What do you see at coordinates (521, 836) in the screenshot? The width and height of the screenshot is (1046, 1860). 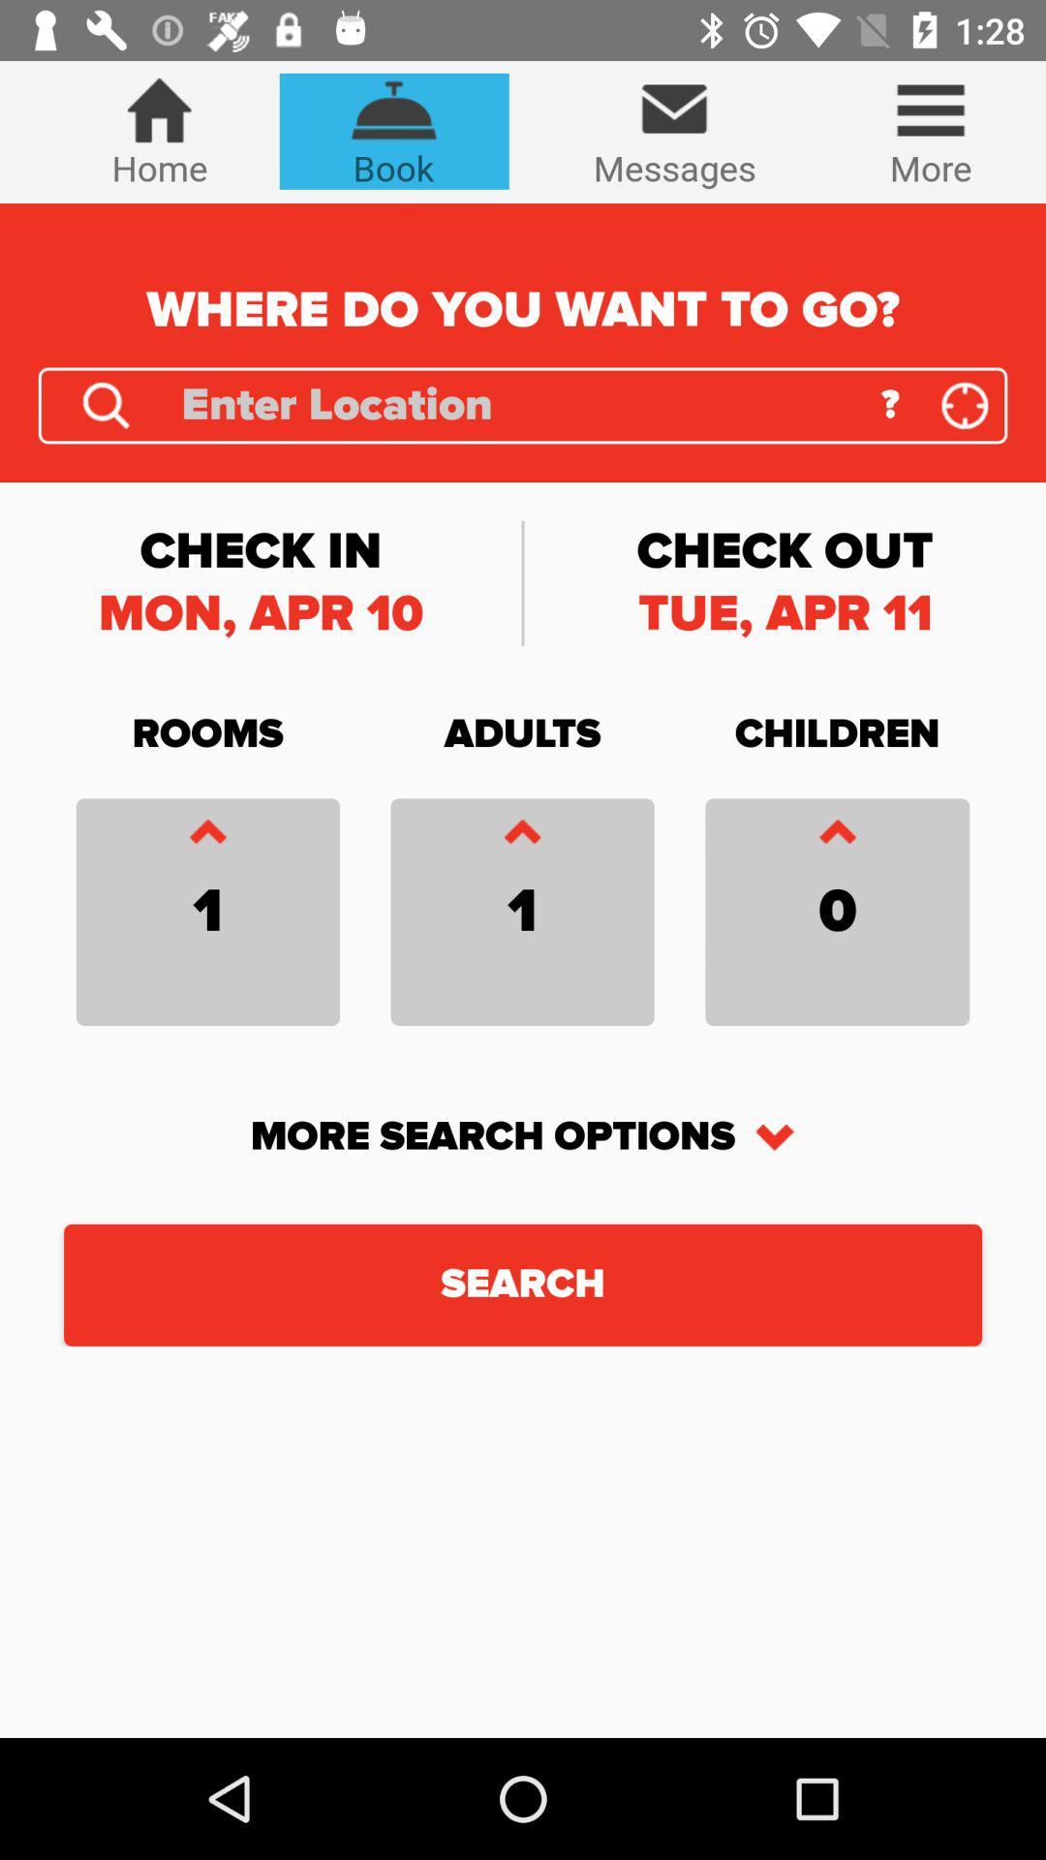 I see `increase number of adults` at bounding box center [521, 836].